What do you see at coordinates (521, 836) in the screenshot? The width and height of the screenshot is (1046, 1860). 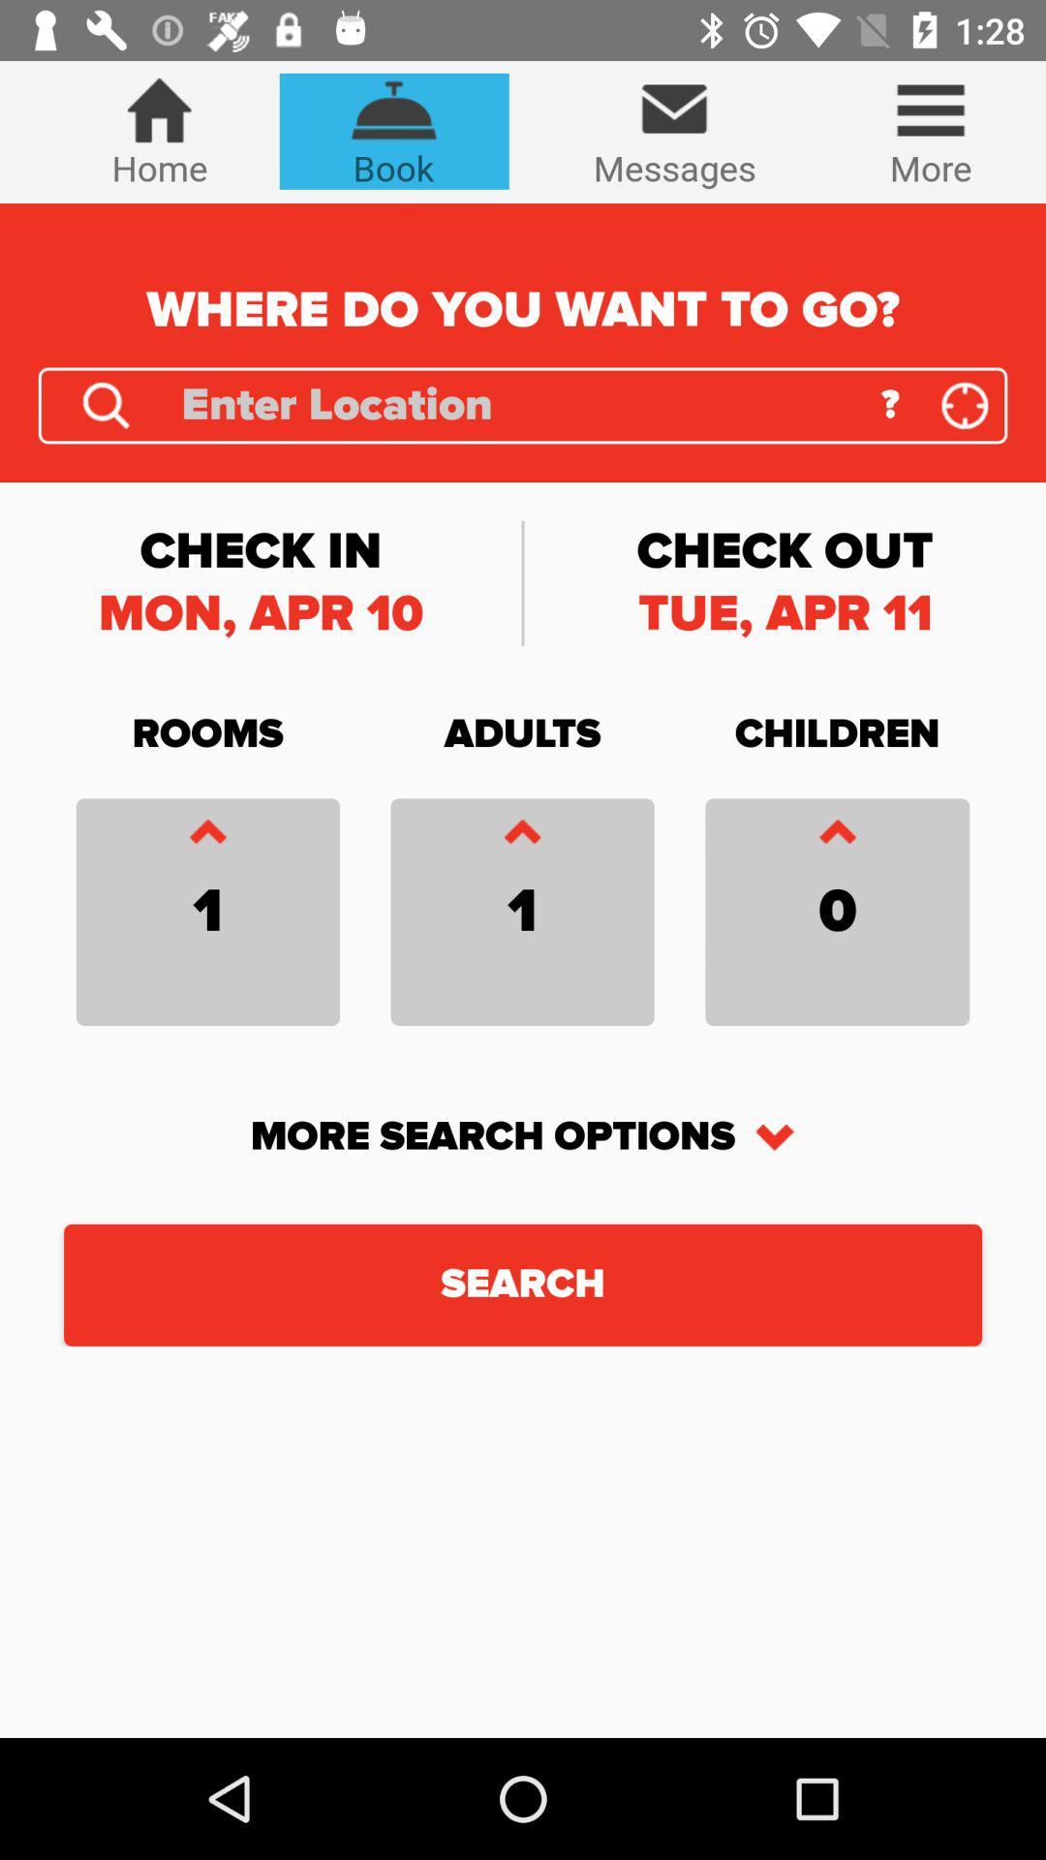 I see `increase number of adults` at bounding box center [521, 836].